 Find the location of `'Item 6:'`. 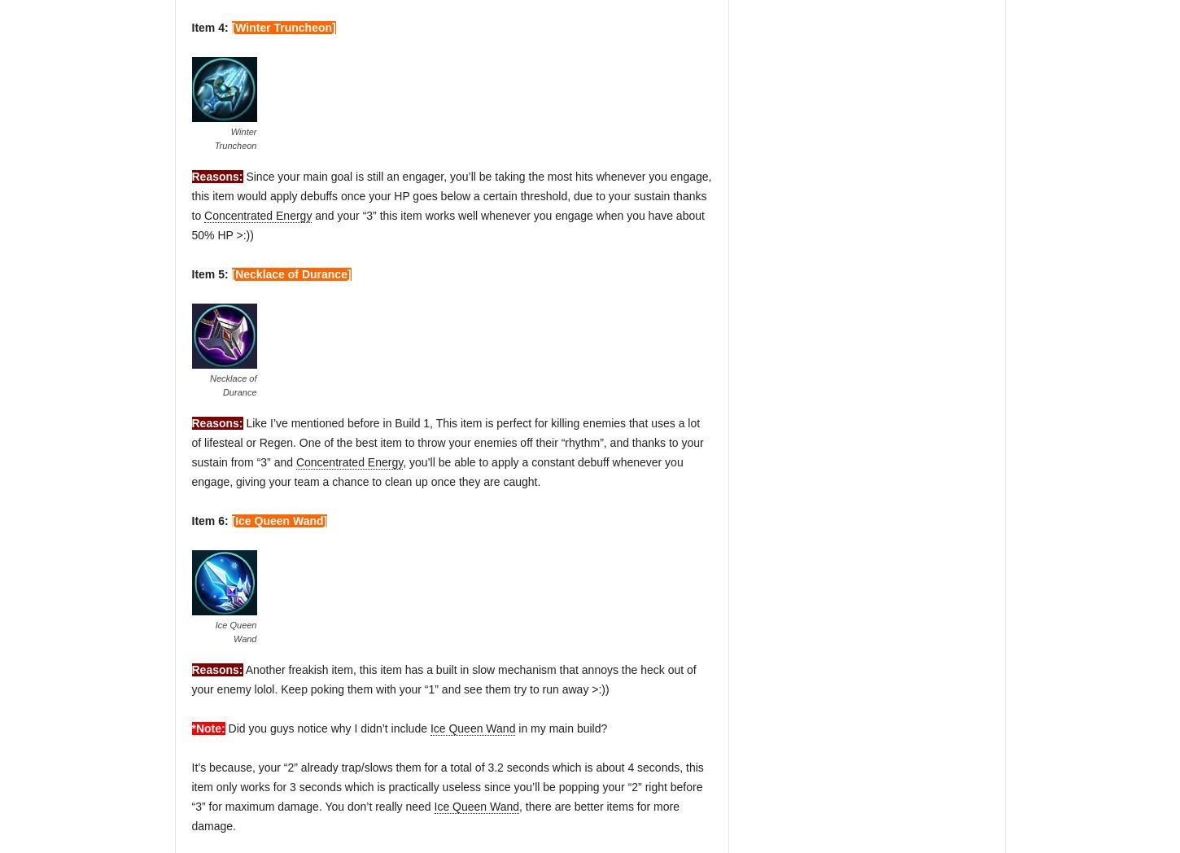

'Item 6:' is located at coordinates (211, 520).